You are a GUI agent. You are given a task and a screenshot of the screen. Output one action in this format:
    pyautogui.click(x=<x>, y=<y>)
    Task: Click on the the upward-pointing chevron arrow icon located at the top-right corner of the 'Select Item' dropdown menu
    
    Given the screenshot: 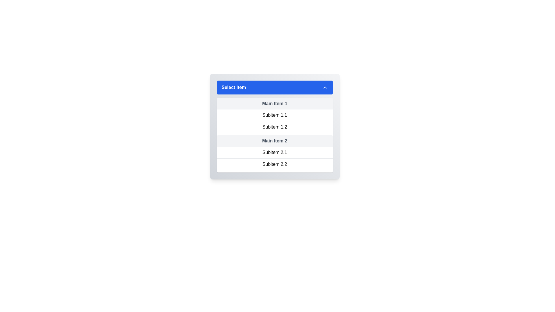 What is the action you would take?
    pyautogui.click(x=325, y=88)
    